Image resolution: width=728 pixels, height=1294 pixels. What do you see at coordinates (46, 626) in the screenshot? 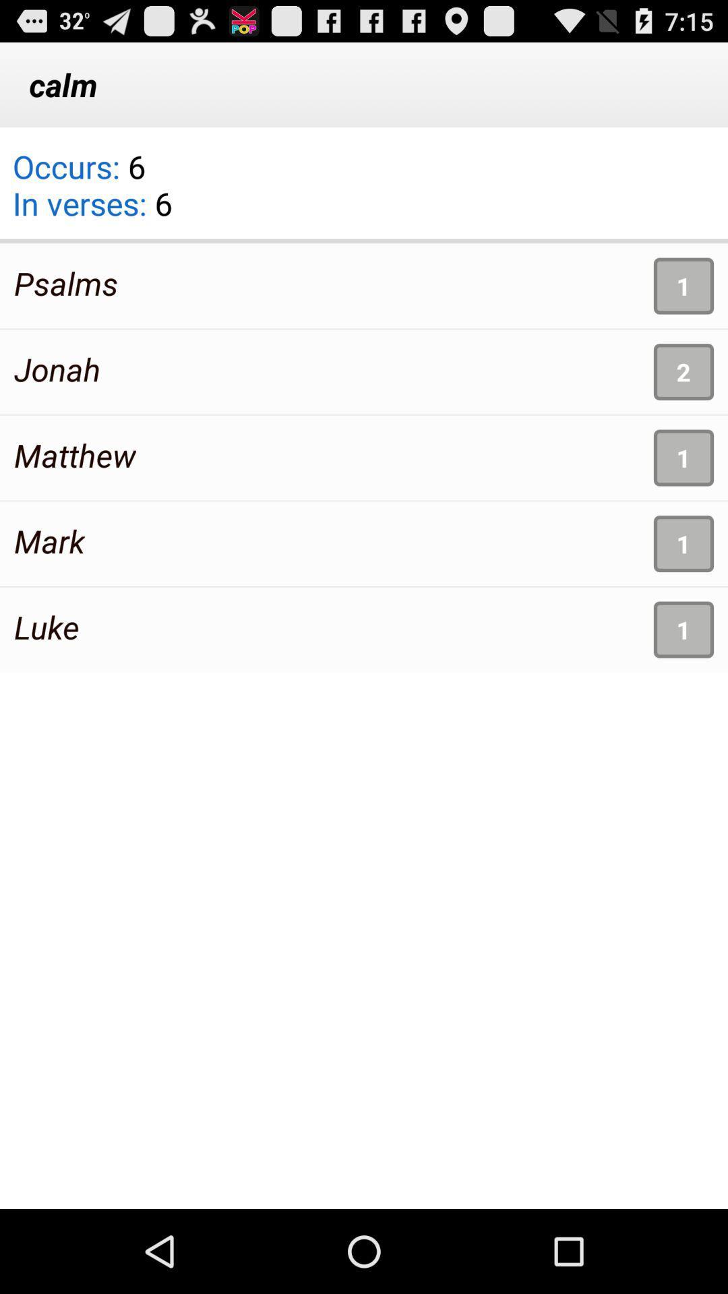
I see `the luke` at bounding box center [46, 626].